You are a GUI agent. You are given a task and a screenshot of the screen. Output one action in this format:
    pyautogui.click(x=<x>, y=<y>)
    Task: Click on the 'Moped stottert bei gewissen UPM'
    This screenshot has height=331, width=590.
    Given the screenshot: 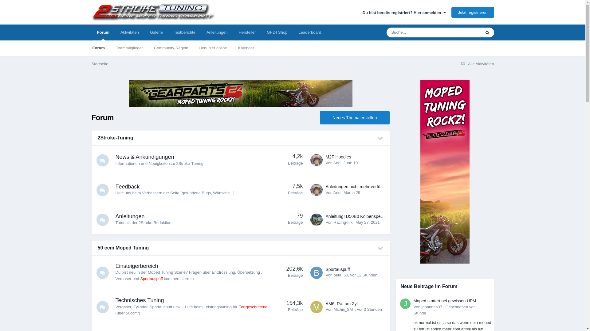 What is the action you would take?
    pyautogui.click(x=445, y=300)
    